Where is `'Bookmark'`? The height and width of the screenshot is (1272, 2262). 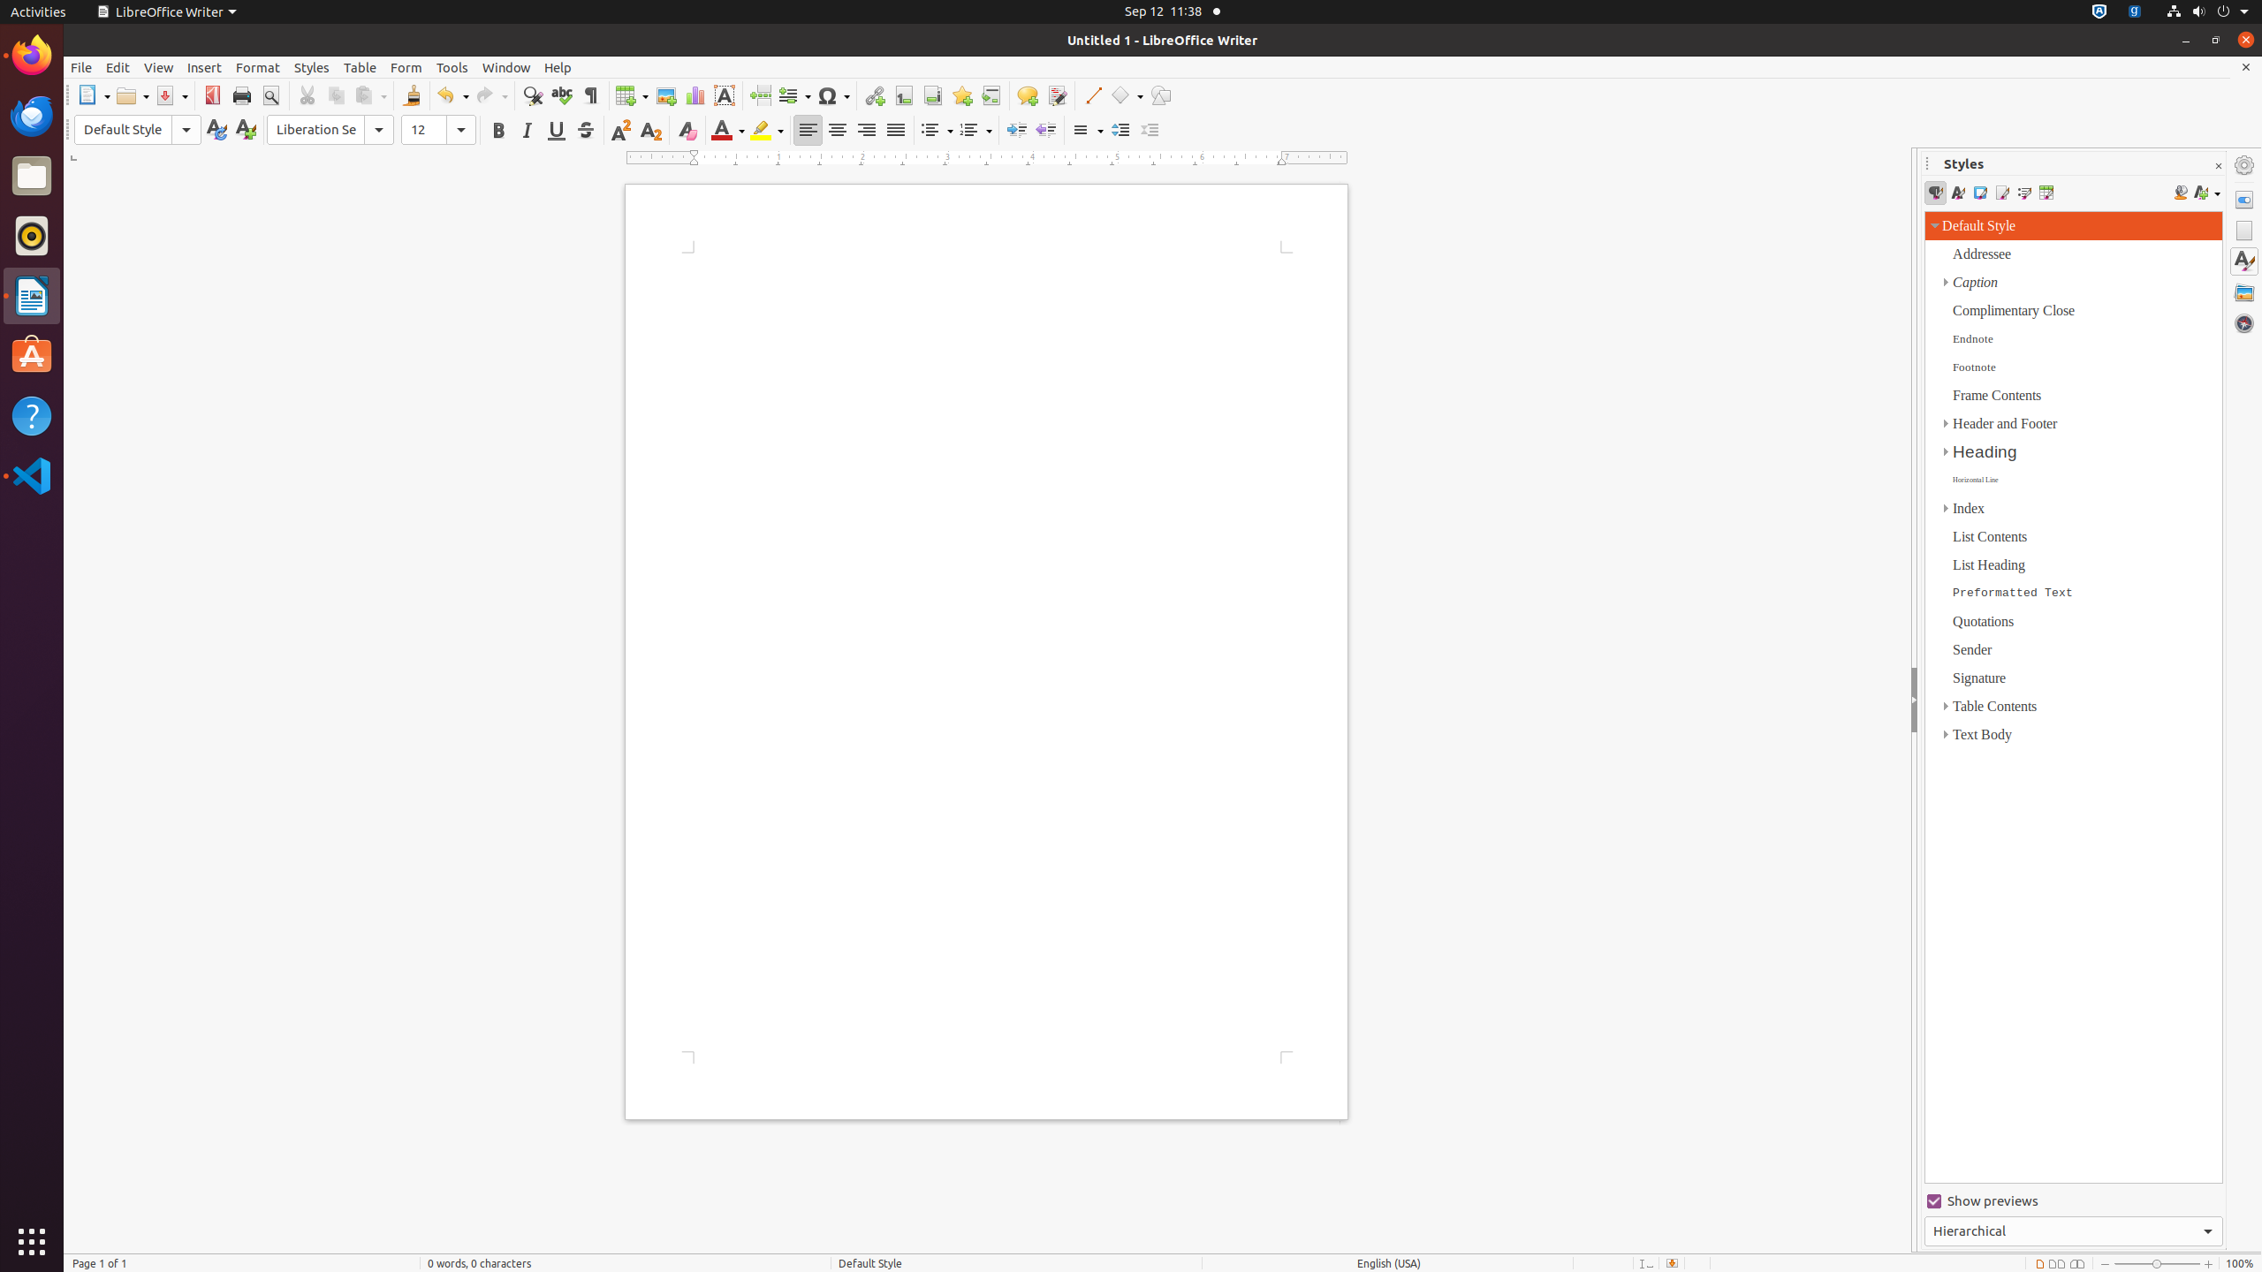 'Bookmark' is located at coordinates (961, 95).